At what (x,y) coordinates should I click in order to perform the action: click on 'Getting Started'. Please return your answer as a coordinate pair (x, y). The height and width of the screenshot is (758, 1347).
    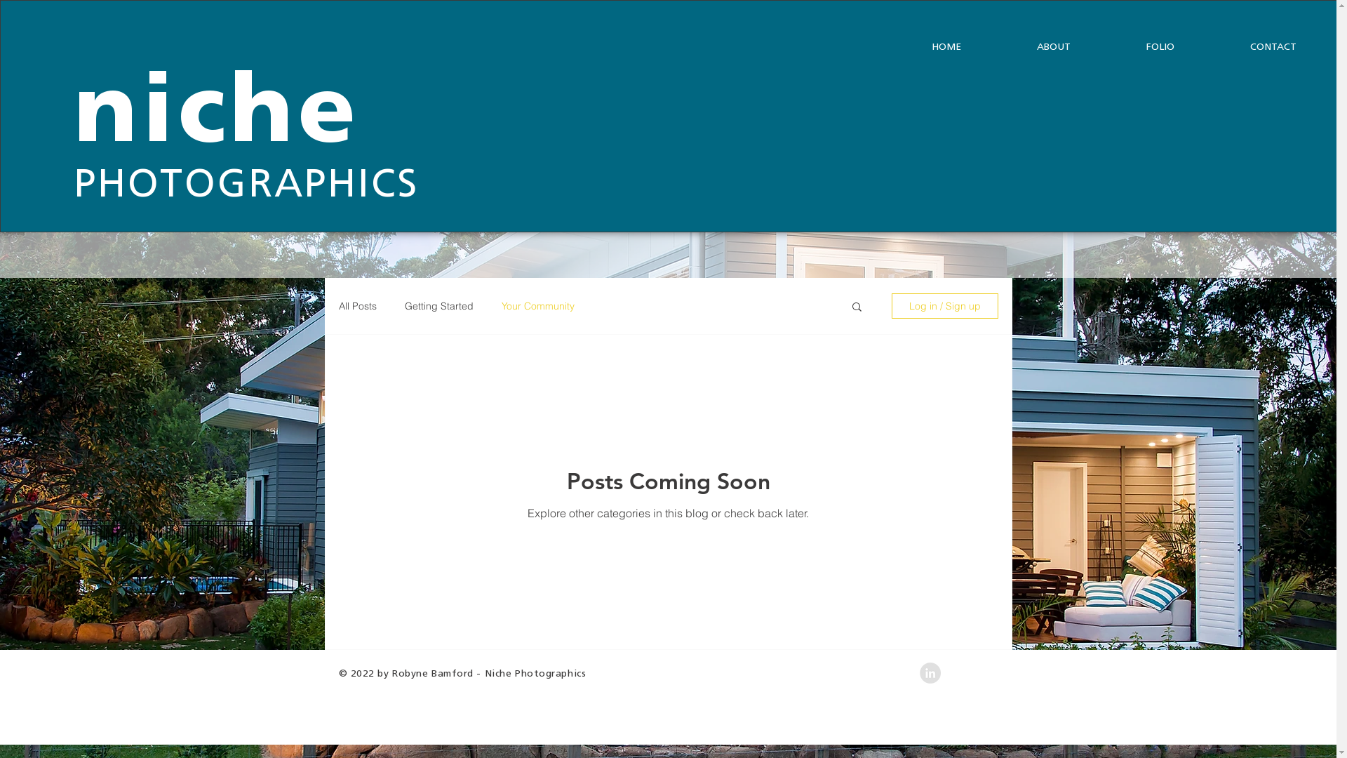
    Looking at the image, I should click on (437, 305).